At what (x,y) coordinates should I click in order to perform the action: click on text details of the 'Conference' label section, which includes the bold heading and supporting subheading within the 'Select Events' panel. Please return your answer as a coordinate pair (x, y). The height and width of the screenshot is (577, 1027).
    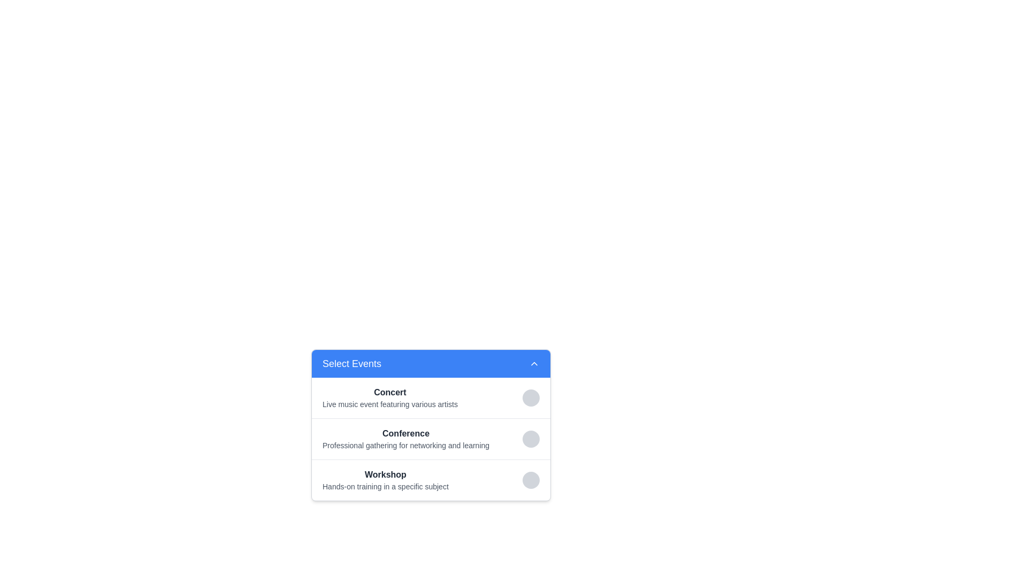
    Looking at the image, I should click on (431, 439).